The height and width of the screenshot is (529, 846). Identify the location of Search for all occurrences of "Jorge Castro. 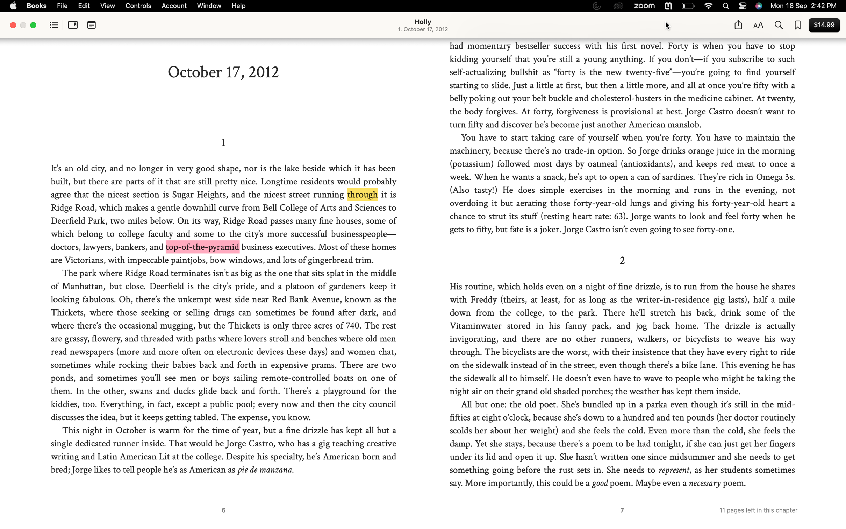
(778, 26).